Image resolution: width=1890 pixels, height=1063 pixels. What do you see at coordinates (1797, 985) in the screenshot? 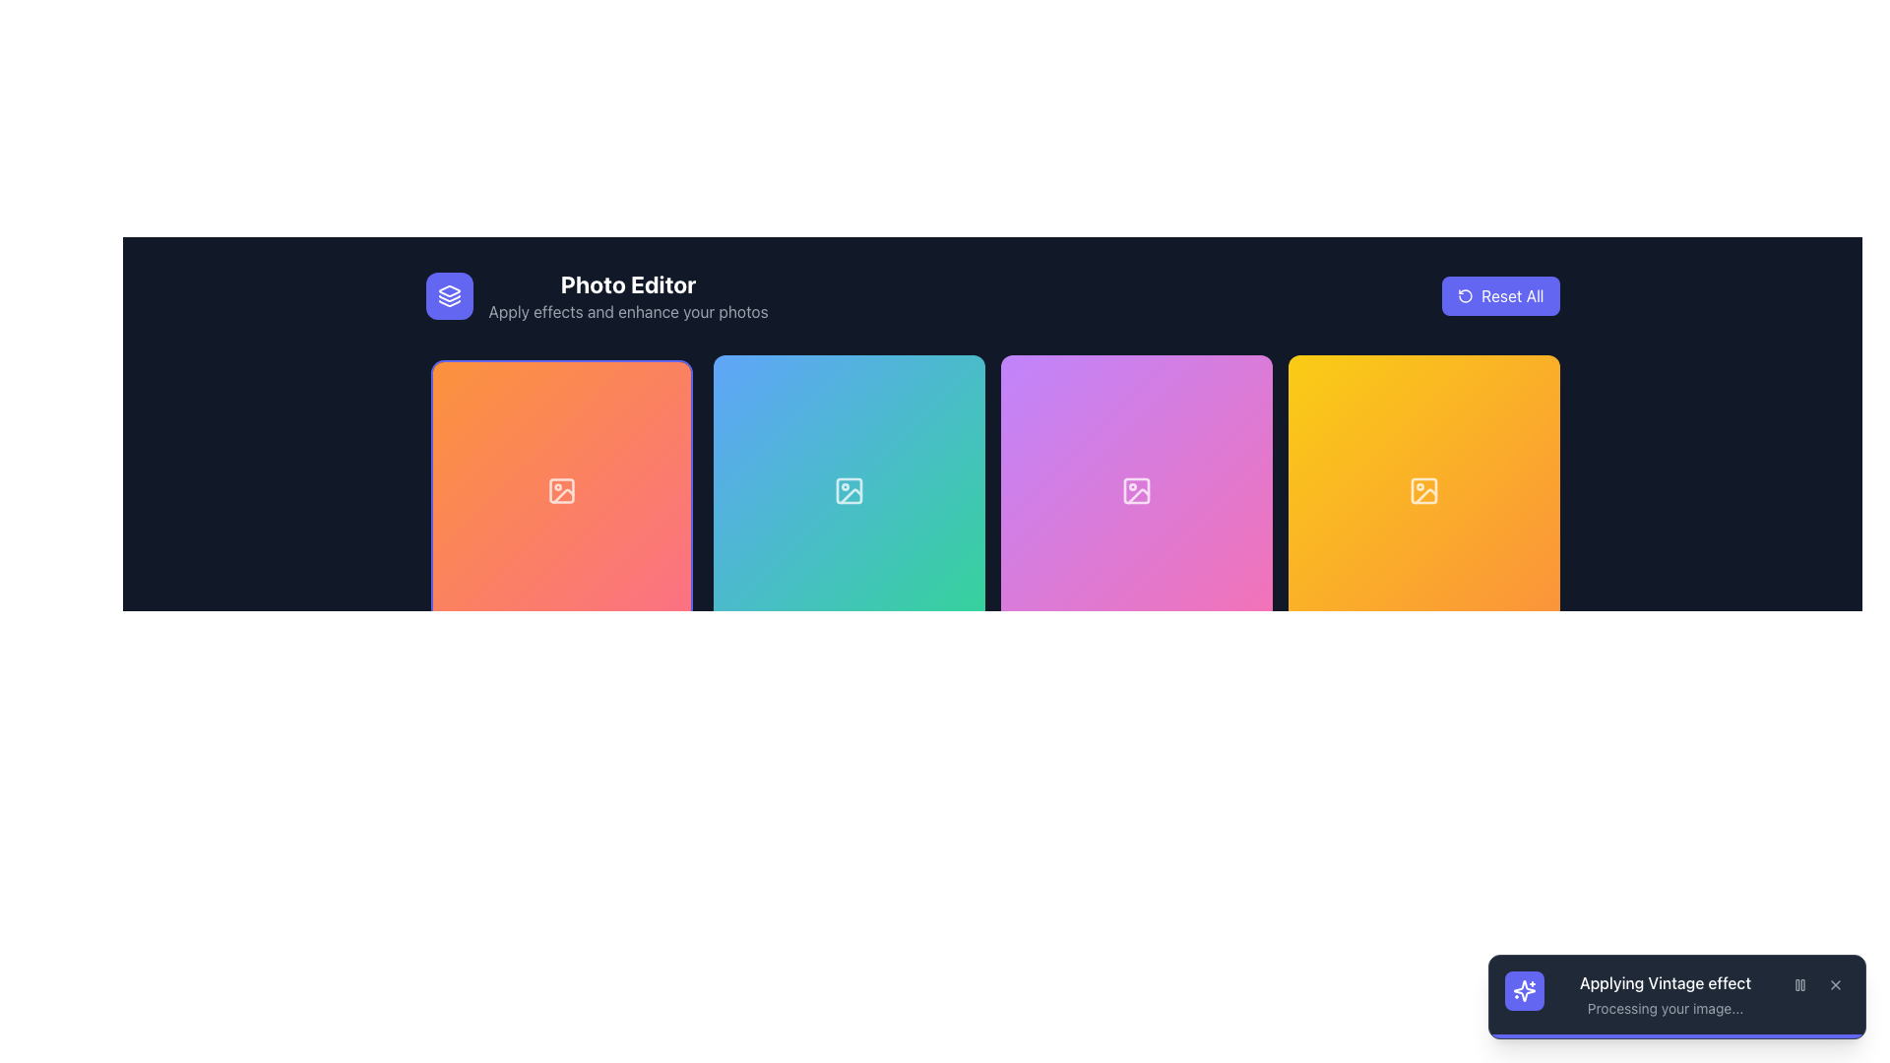
I see `the left bar of the pause button icon located in the 'Applying Vintage Effect' status notification in the bottom-right notification bar` at bounding box center [1797, 985].